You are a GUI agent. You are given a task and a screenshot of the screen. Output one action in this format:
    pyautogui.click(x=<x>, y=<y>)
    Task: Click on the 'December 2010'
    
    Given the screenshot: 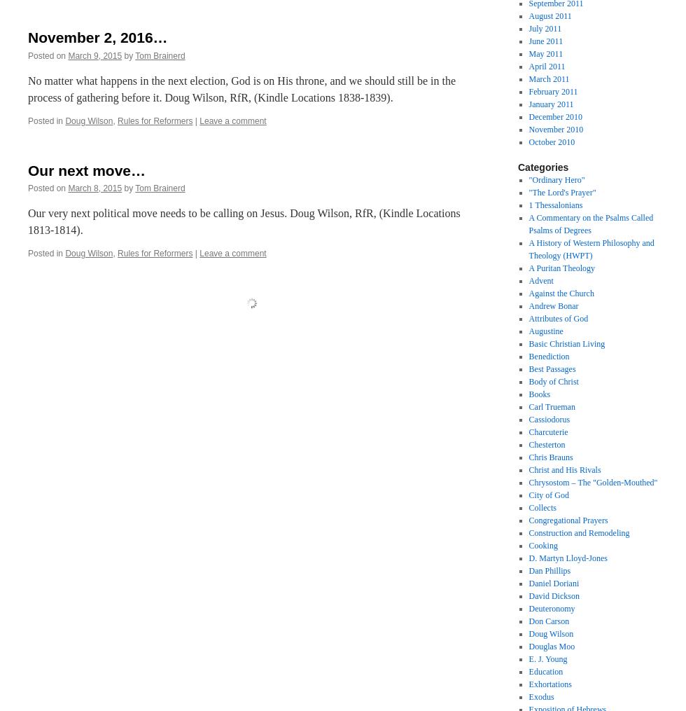 What is the action you would take?
    pyautogui.click(x=528, y=116)
    